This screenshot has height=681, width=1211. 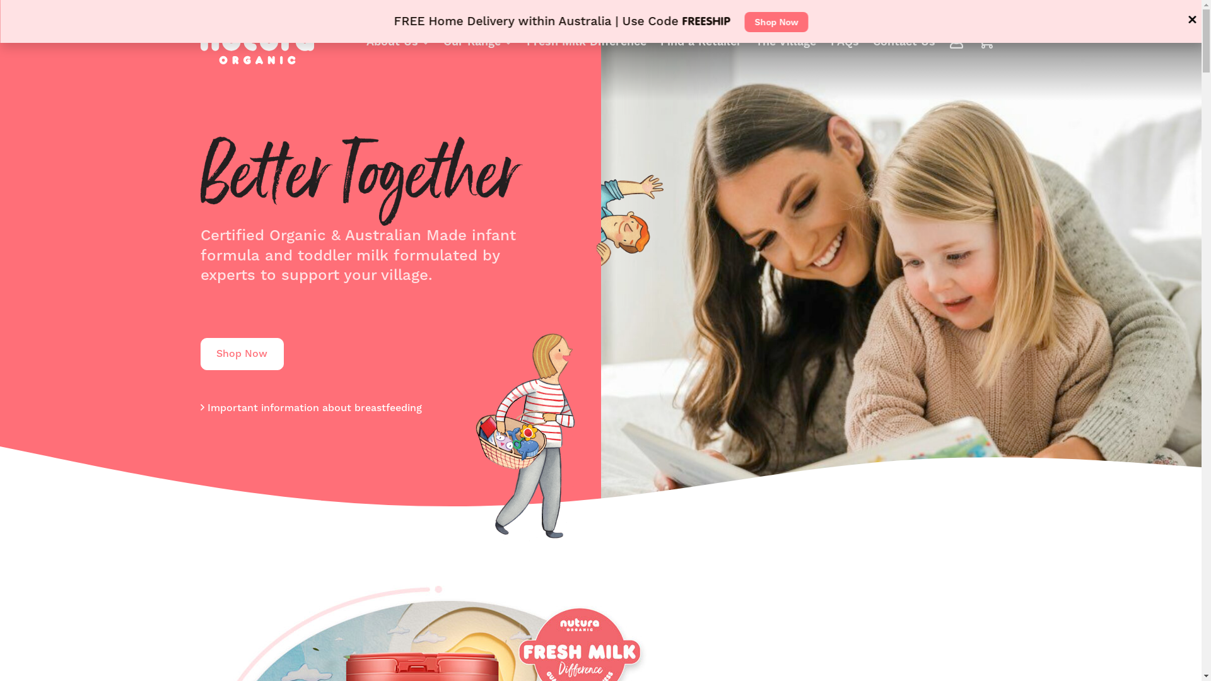 I want to click on 'The Village', so click(x=785, y=40).